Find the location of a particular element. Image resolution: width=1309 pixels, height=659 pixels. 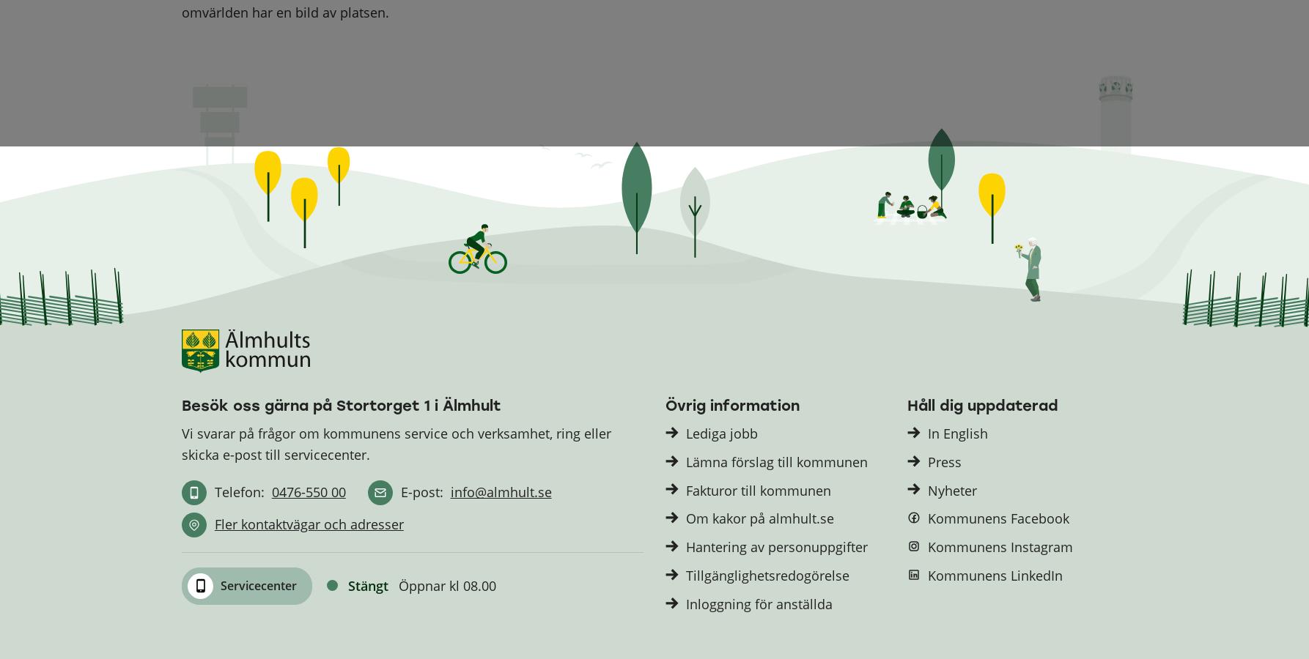

'Lediga jobb' is located at coordinates (721, 433).